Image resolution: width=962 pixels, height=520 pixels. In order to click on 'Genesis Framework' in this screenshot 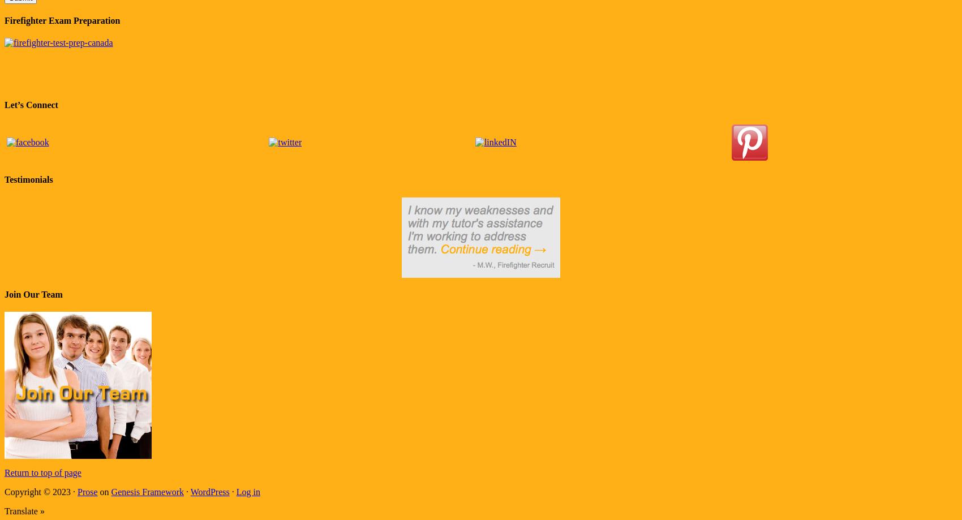, I will do `click(147, 491)`.